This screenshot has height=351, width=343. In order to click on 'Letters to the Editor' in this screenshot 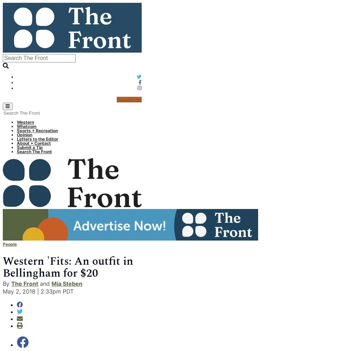, I will do `click(17, 138)`.